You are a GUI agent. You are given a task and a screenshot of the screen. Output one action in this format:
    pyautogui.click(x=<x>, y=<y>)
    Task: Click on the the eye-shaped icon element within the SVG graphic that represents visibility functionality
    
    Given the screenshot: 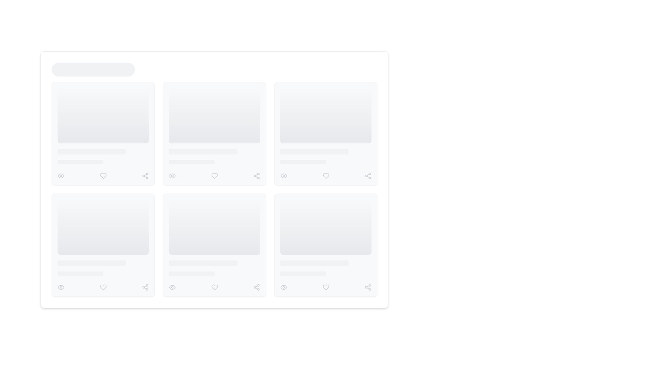 What is the action you would take?
    pyautogui.click(x=283, y=287)
    